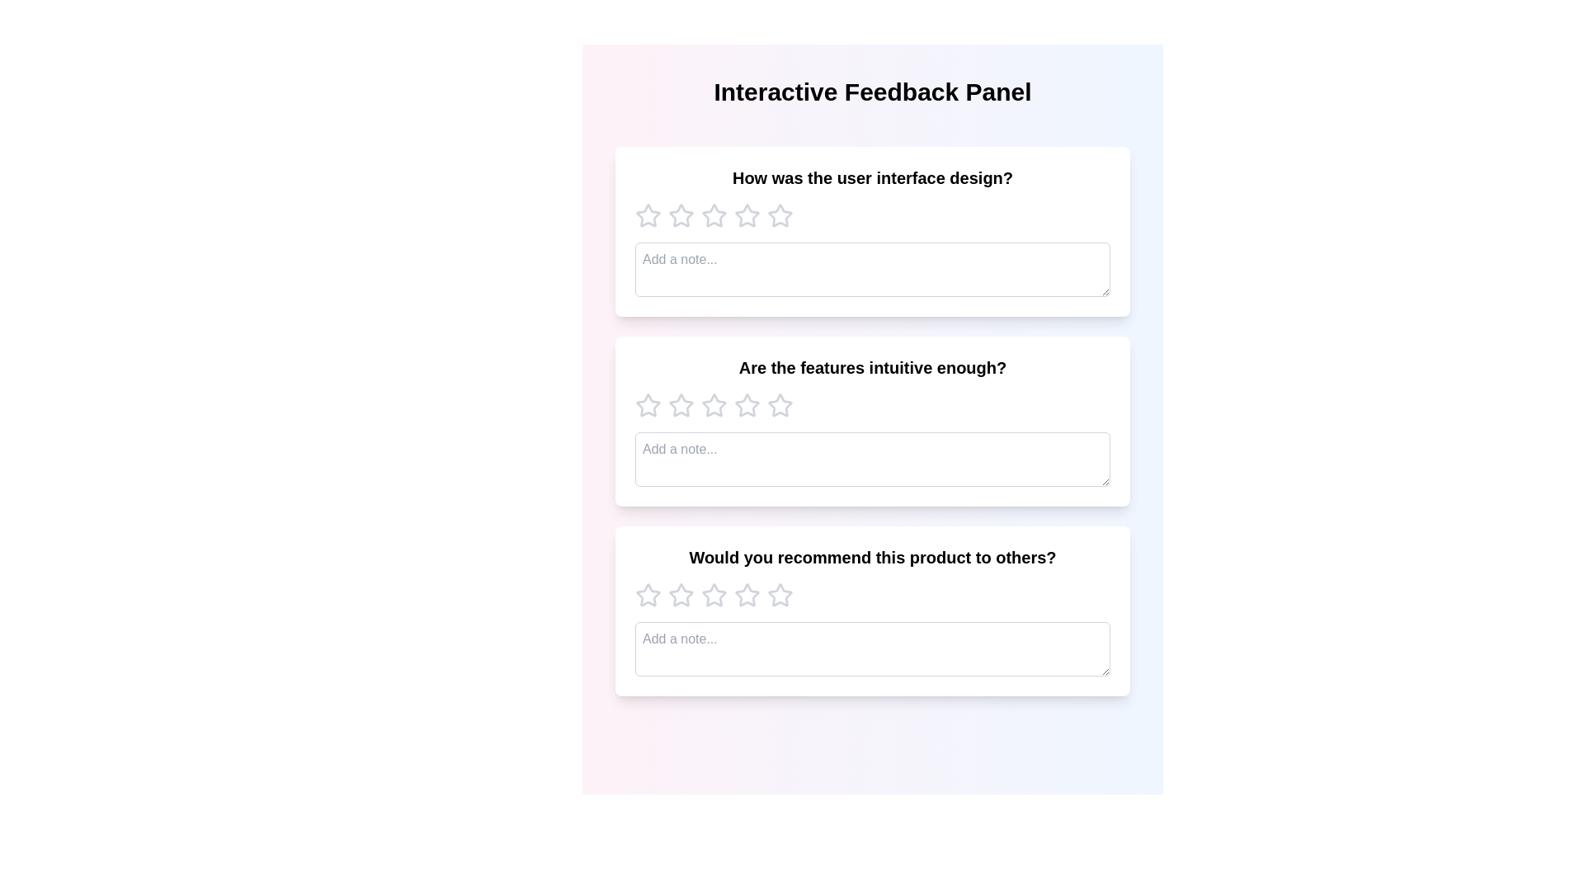 The image size is (1584, 891). Describe the element at coordinates (871, 269) in the screenshot. I see `the text area below the feedback prompt 'How was the user interface design?' and enter the text '<user_input>'` at that location.